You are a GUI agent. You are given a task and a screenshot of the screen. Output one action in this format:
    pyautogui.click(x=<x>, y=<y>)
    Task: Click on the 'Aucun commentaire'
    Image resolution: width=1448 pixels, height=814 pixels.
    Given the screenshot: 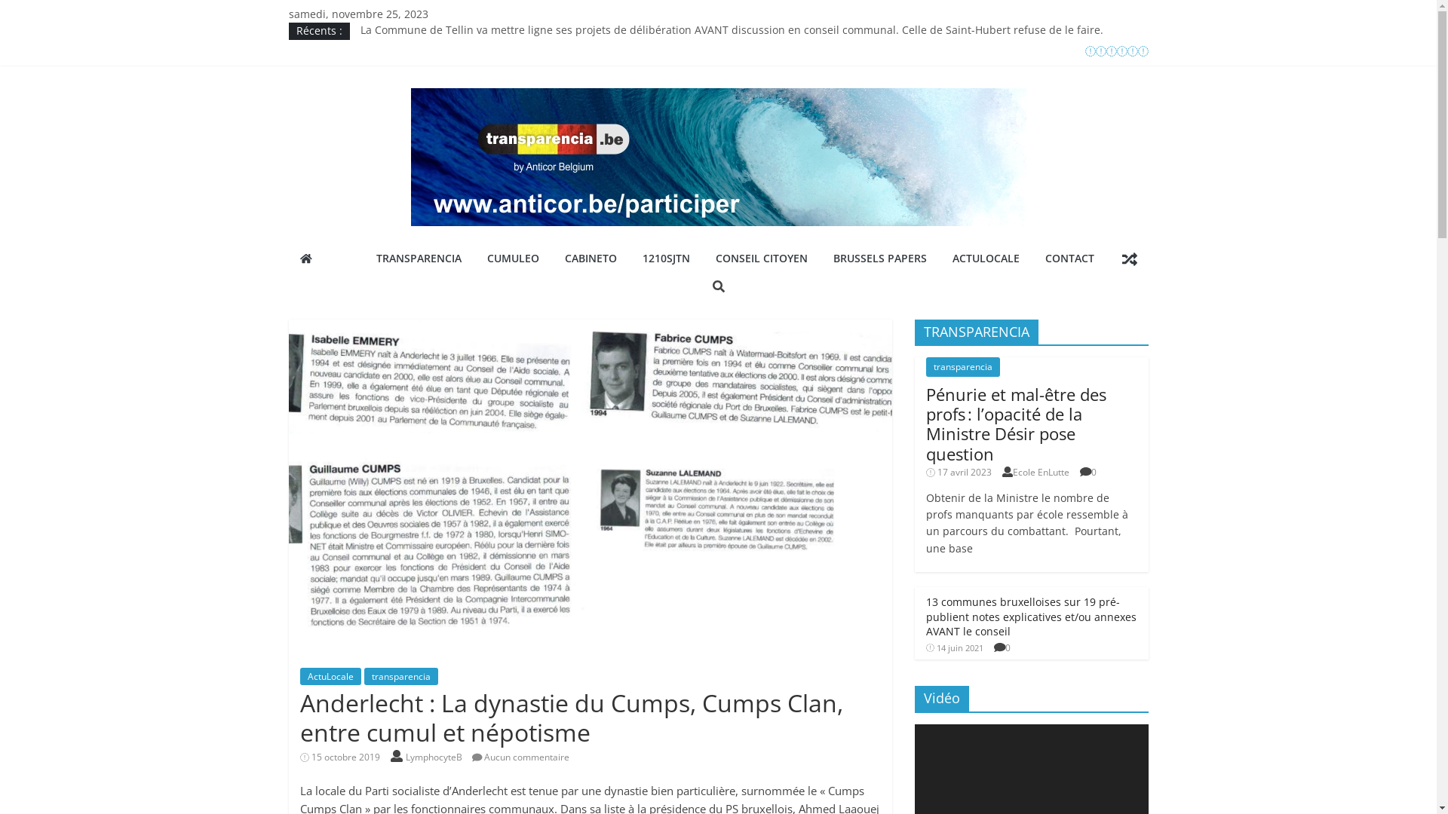 What is the action you would take?
    pyautogui.click(x=521, y=757)
    